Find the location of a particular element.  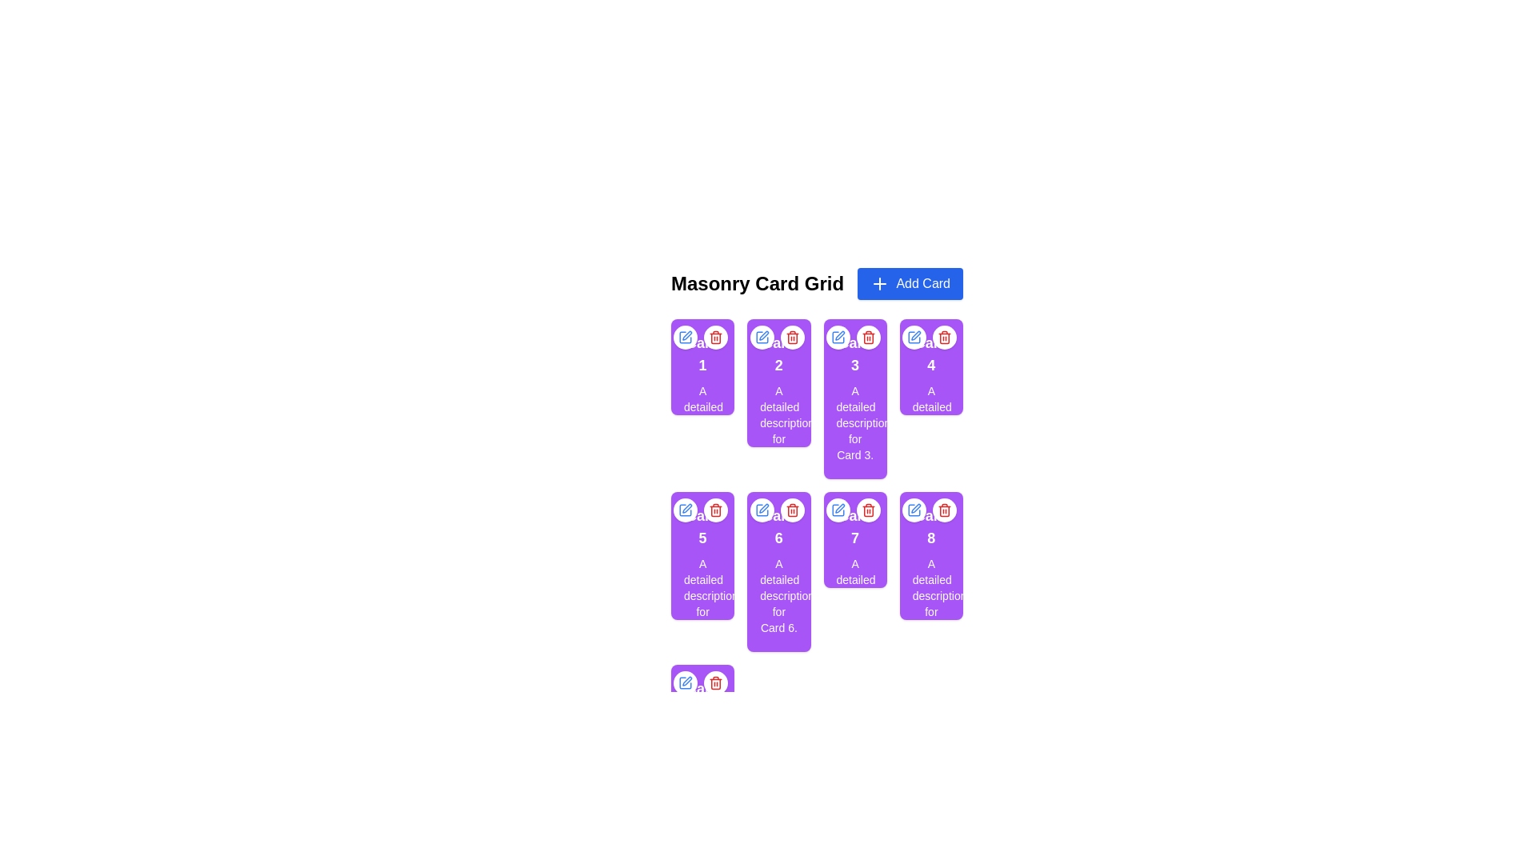

the red delete button in the A button group located at the top-right corner of the purple rectangular card labeled 'Card 9' is located at coordinates (701, 682).